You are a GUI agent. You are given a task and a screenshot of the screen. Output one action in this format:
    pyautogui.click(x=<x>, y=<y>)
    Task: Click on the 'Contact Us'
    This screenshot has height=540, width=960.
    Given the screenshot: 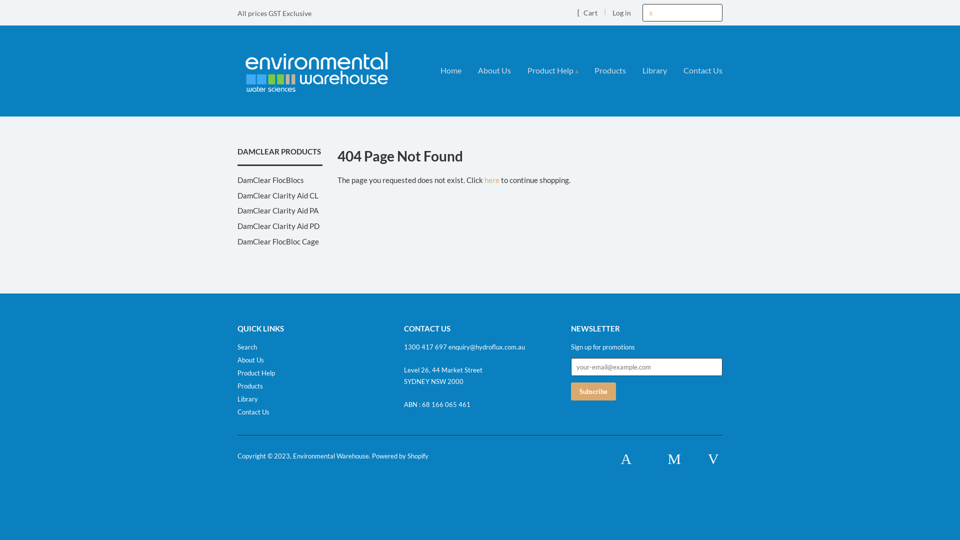 What is the action you would take?
    pyautogui.click(x=253, y=412)
    